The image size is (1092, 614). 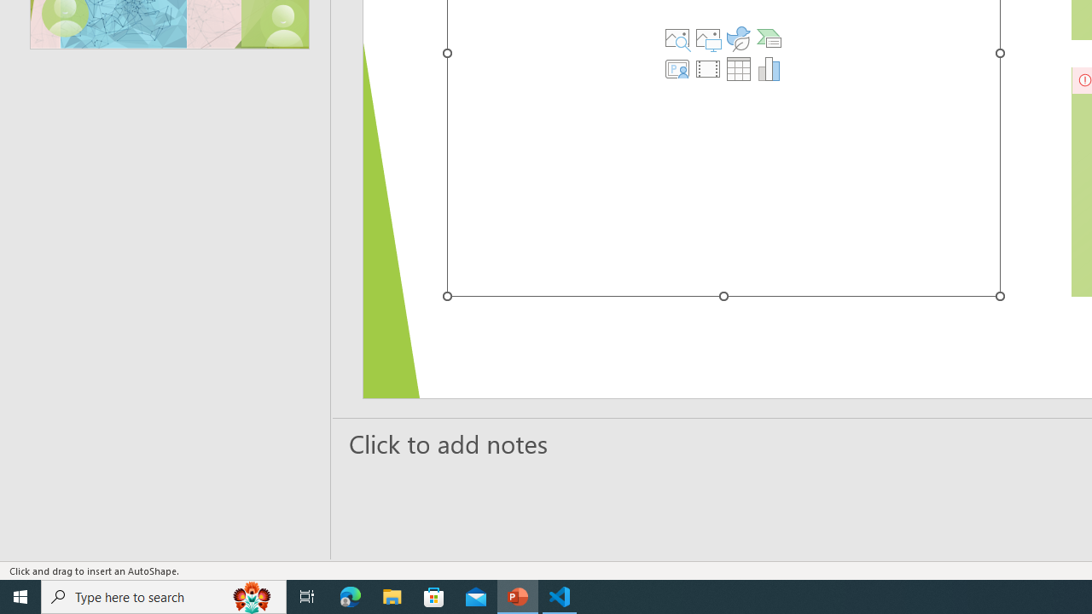 I want to click on 'Insert Video', so click(x=708, y=68).